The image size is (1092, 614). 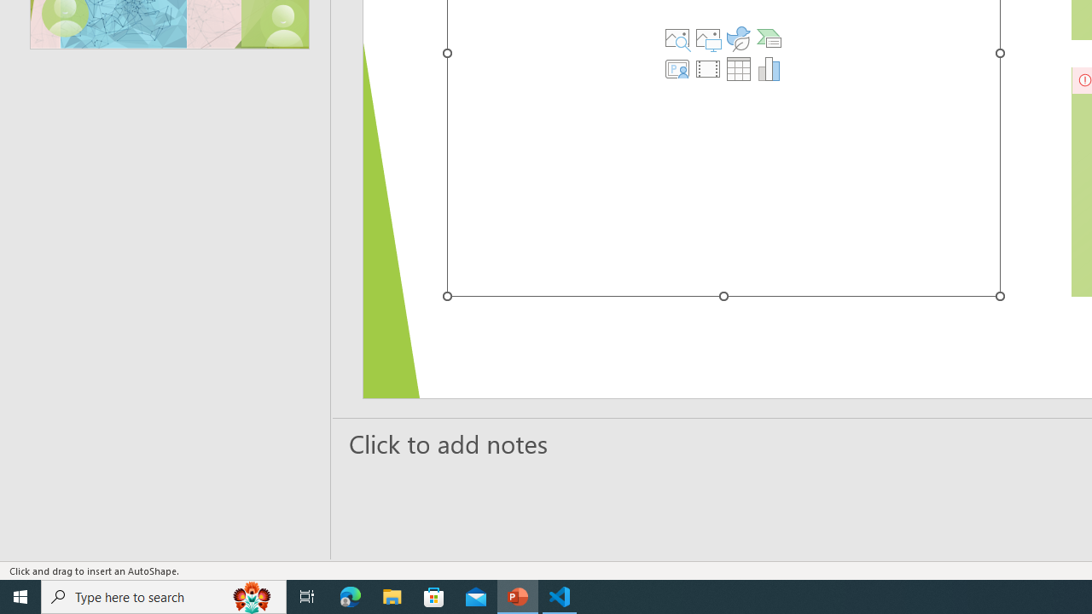 I want to click on 'Insert Video', so click(x=708, y=68).